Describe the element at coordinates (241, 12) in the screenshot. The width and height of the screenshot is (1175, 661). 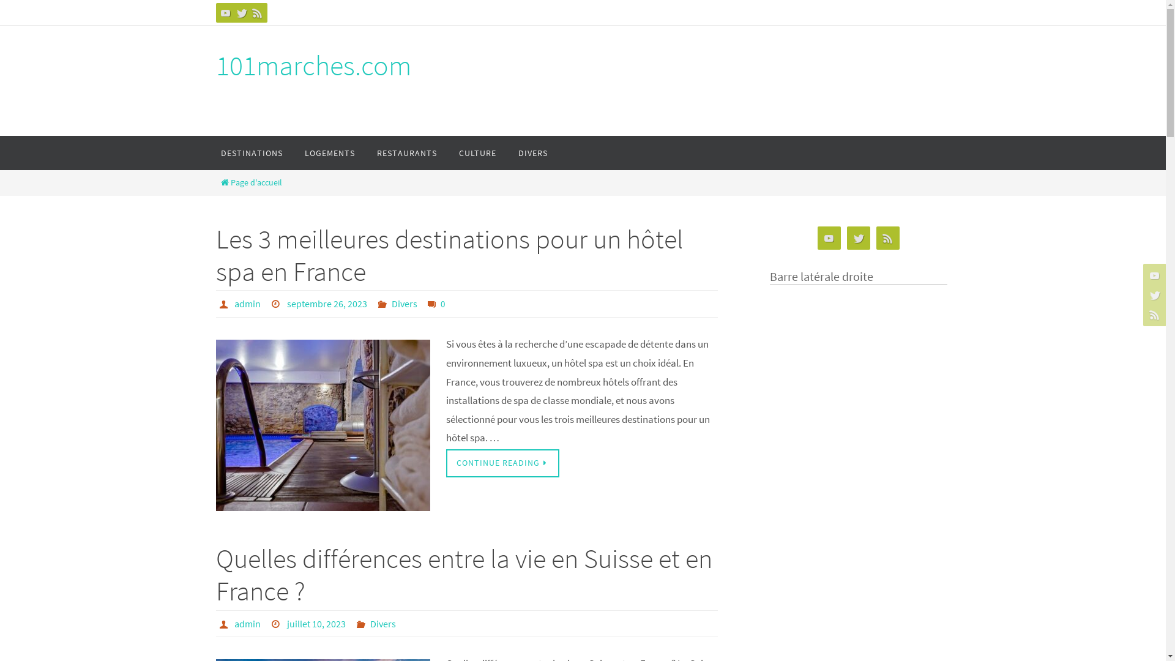
I see `'Twitter'` at that location.